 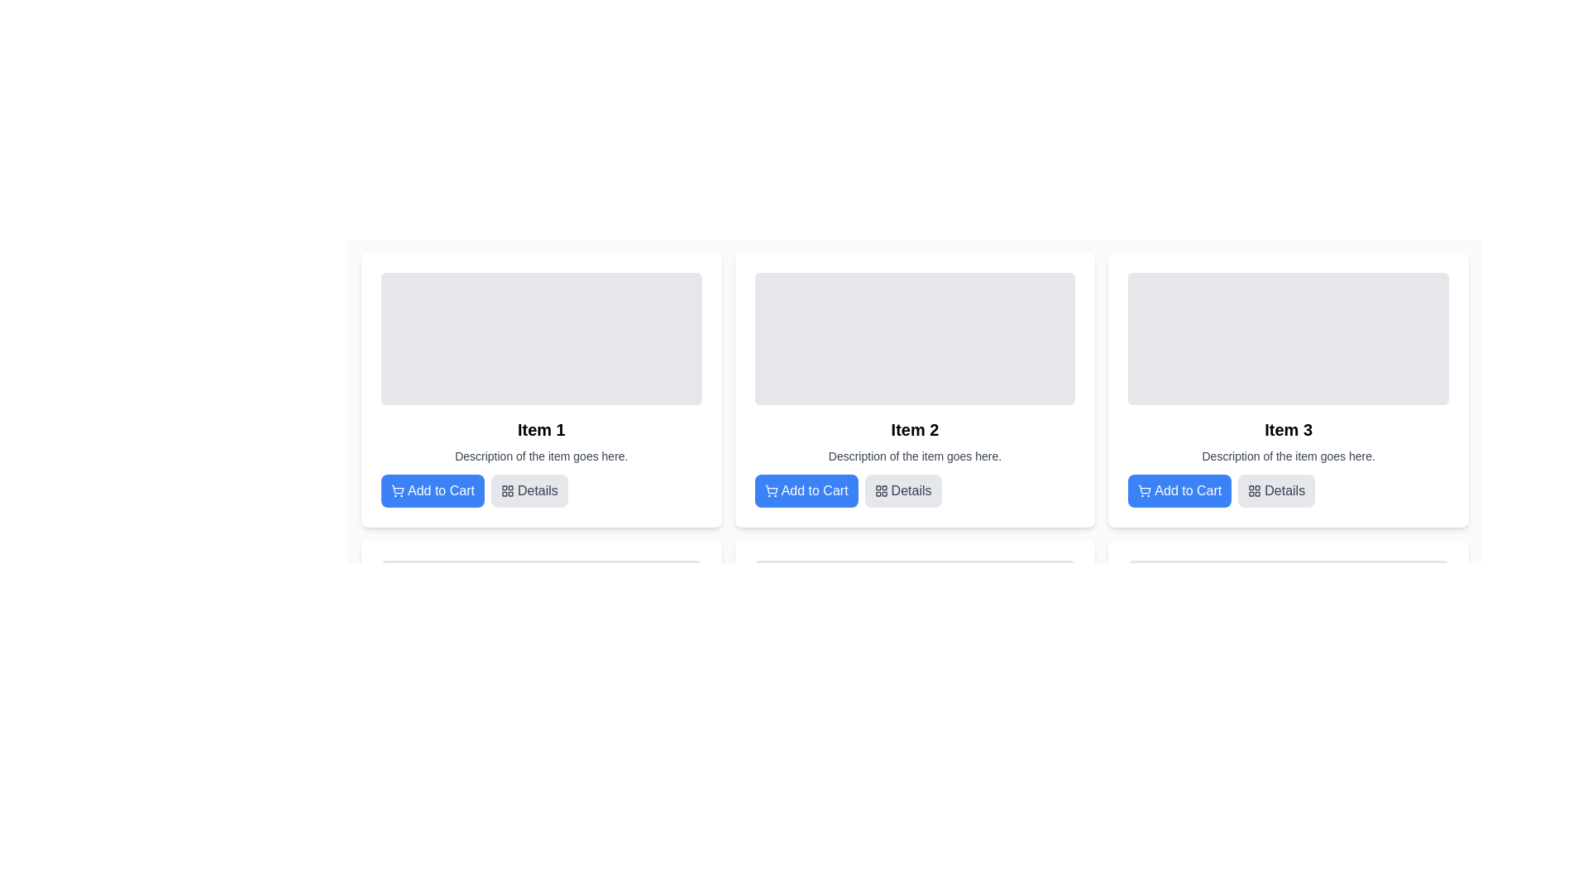 What do you see at coordinates (1288, 456) in the screenshot?
I see `the Text Display element that shows 'Description of the item goes here.' located in the card for 'Item 3', positioned below the title and above the action buttons` at bounding box center [1288, 456].